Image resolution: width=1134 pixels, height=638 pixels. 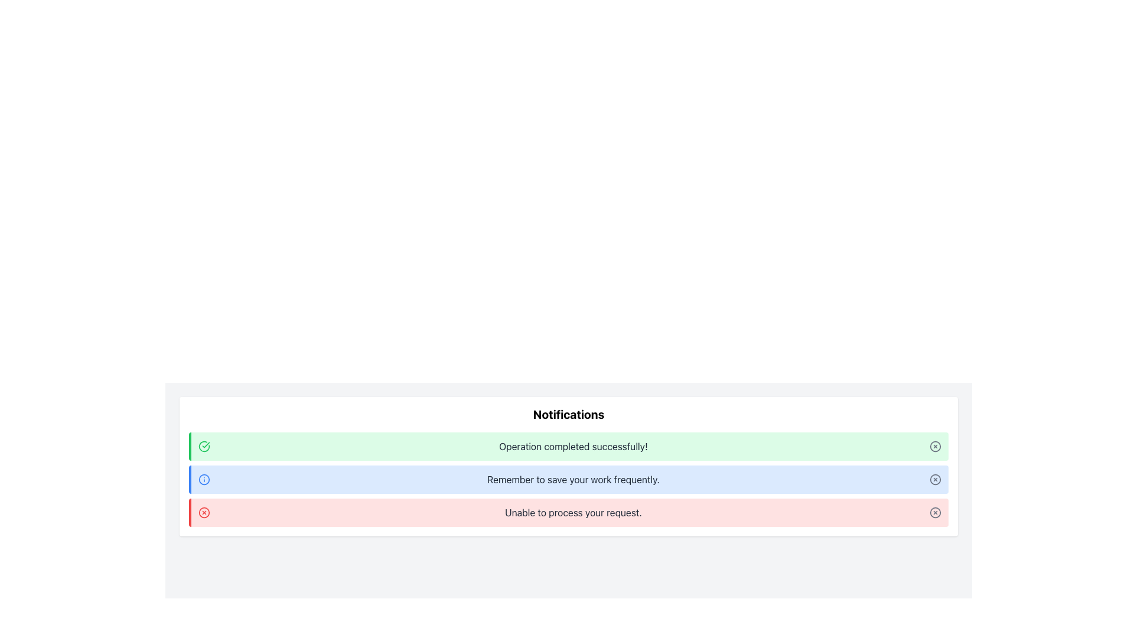 What do you see at coordinates (204, 480) in the screenshot?
I see `the blue info icon with a hollow circle and 'i' symbol located near the left edge of the blue notification bar, aligned horizontally with the text 'Remember to save your work frequently.'` at bounding box center [204, 480].